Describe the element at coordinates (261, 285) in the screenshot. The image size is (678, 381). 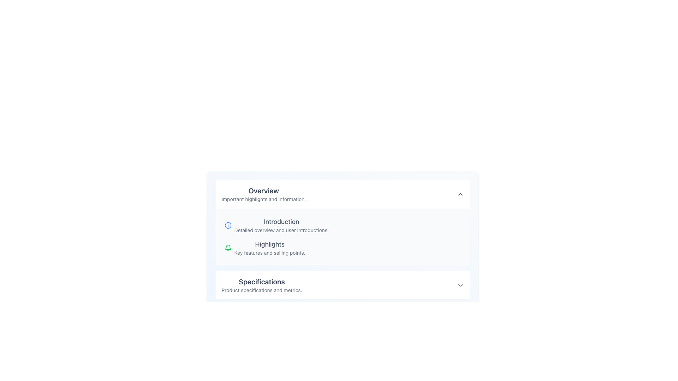
I see `the 'Specifications' section header` at that location.